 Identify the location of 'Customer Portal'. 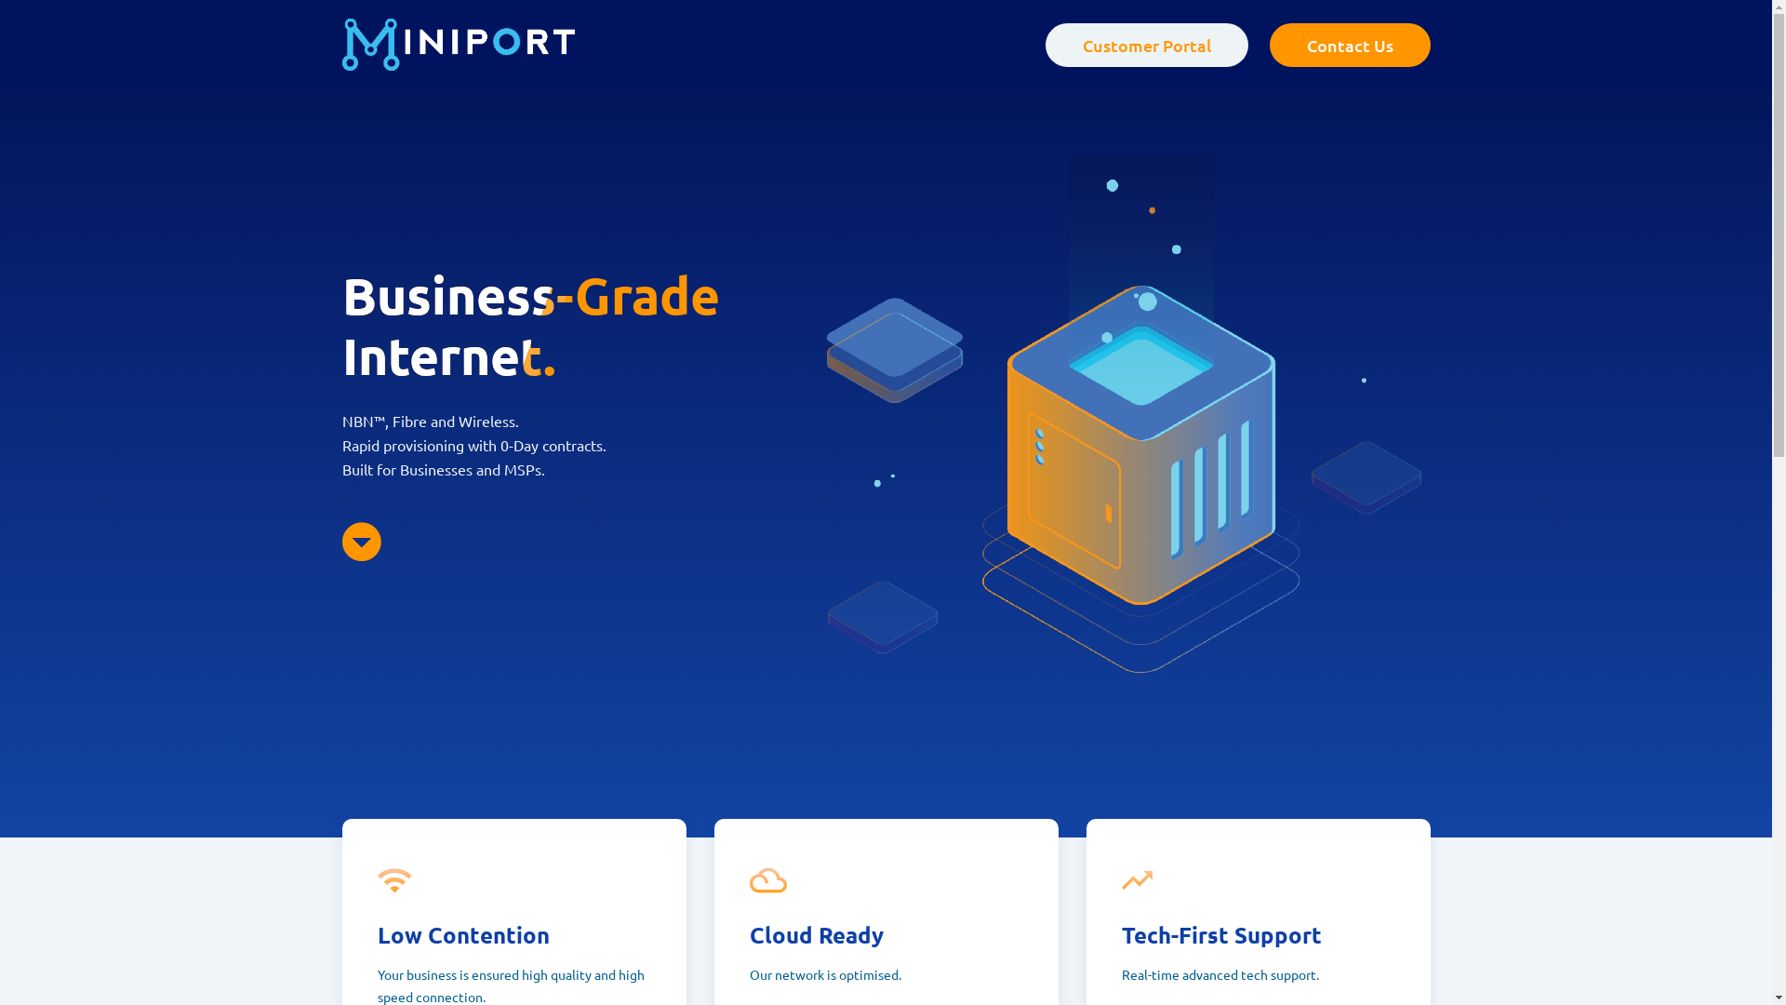
(1146, 43).